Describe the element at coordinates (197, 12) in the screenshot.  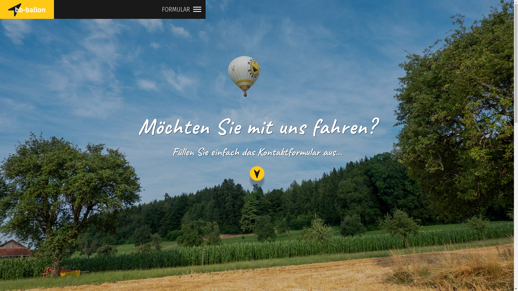
I see `'Menu'` at that location.